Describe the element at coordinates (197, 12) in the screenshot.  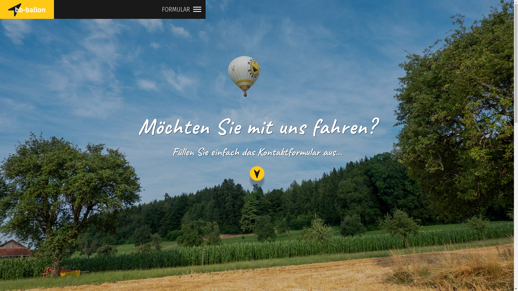
I see `'Menu'` at that location.